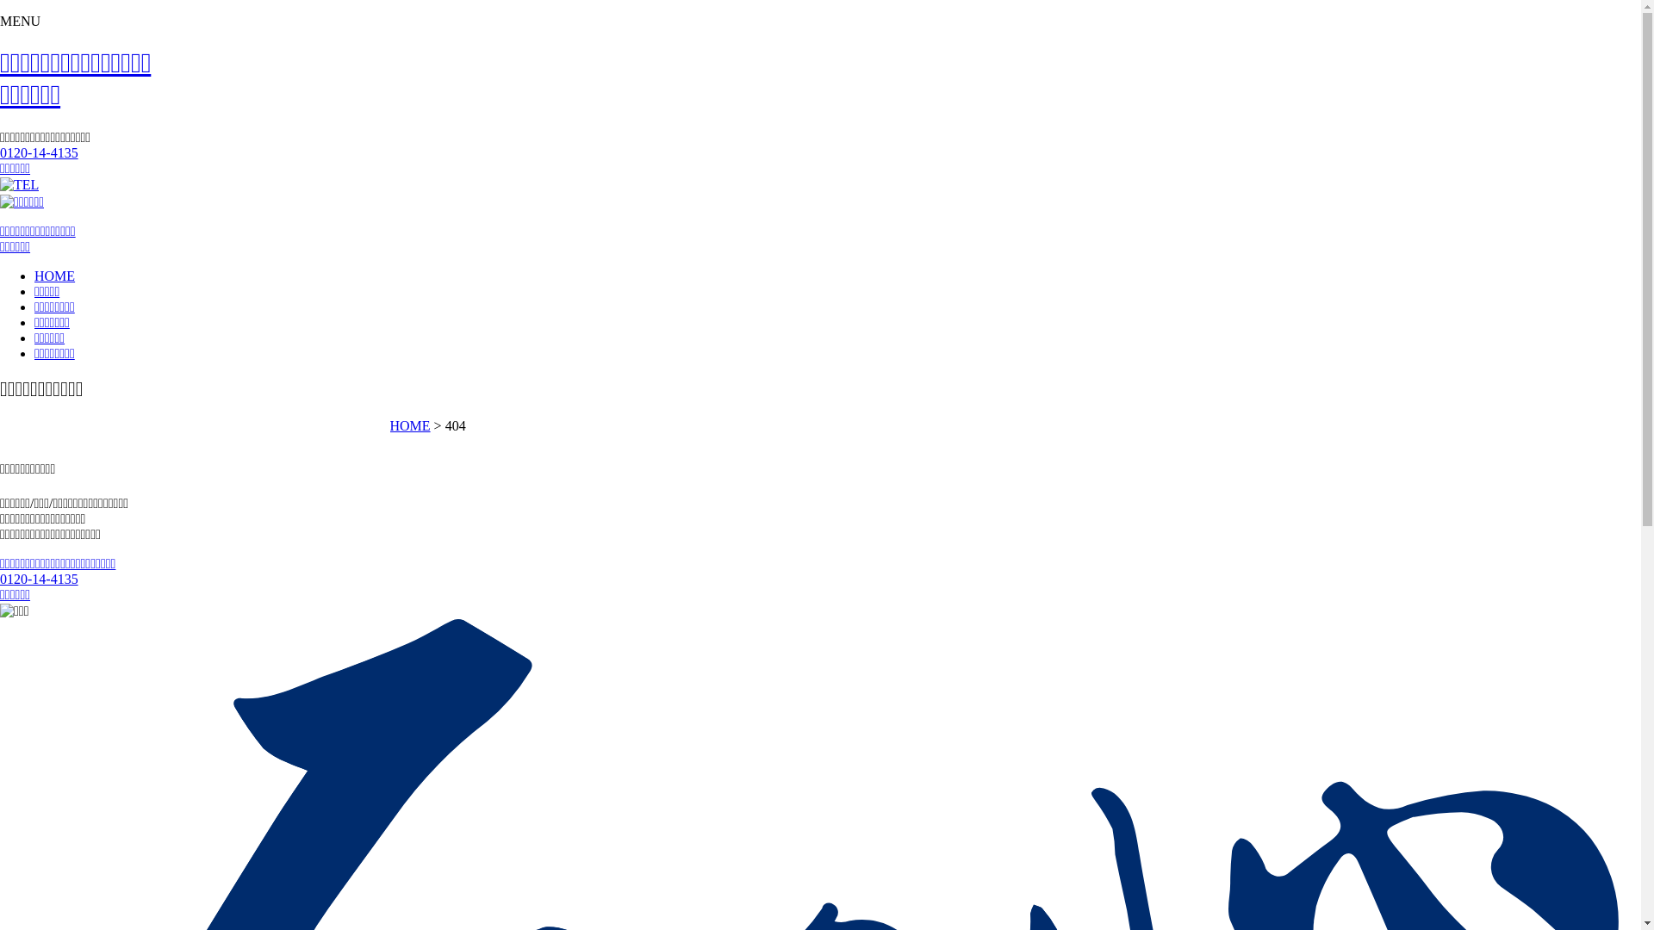 Image resolution: width=1654 pixels, height=930 pixels. Describe the element at coordinates (408, 425) in the screenshot. I see `'HOME'` at that location.